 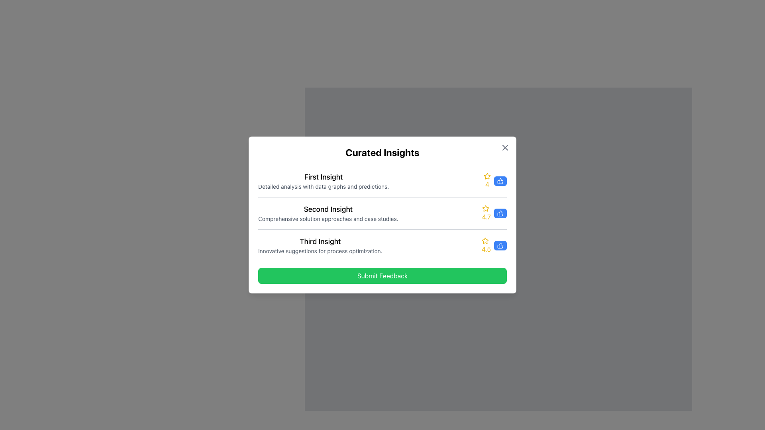 What do you see at coordinates (485, 240) in the screenshot?
I see `the star icon representing the rating feature for 'Third Insight', which is located adjacent to the '4.5' rating text` at bounding box center [485, 240].